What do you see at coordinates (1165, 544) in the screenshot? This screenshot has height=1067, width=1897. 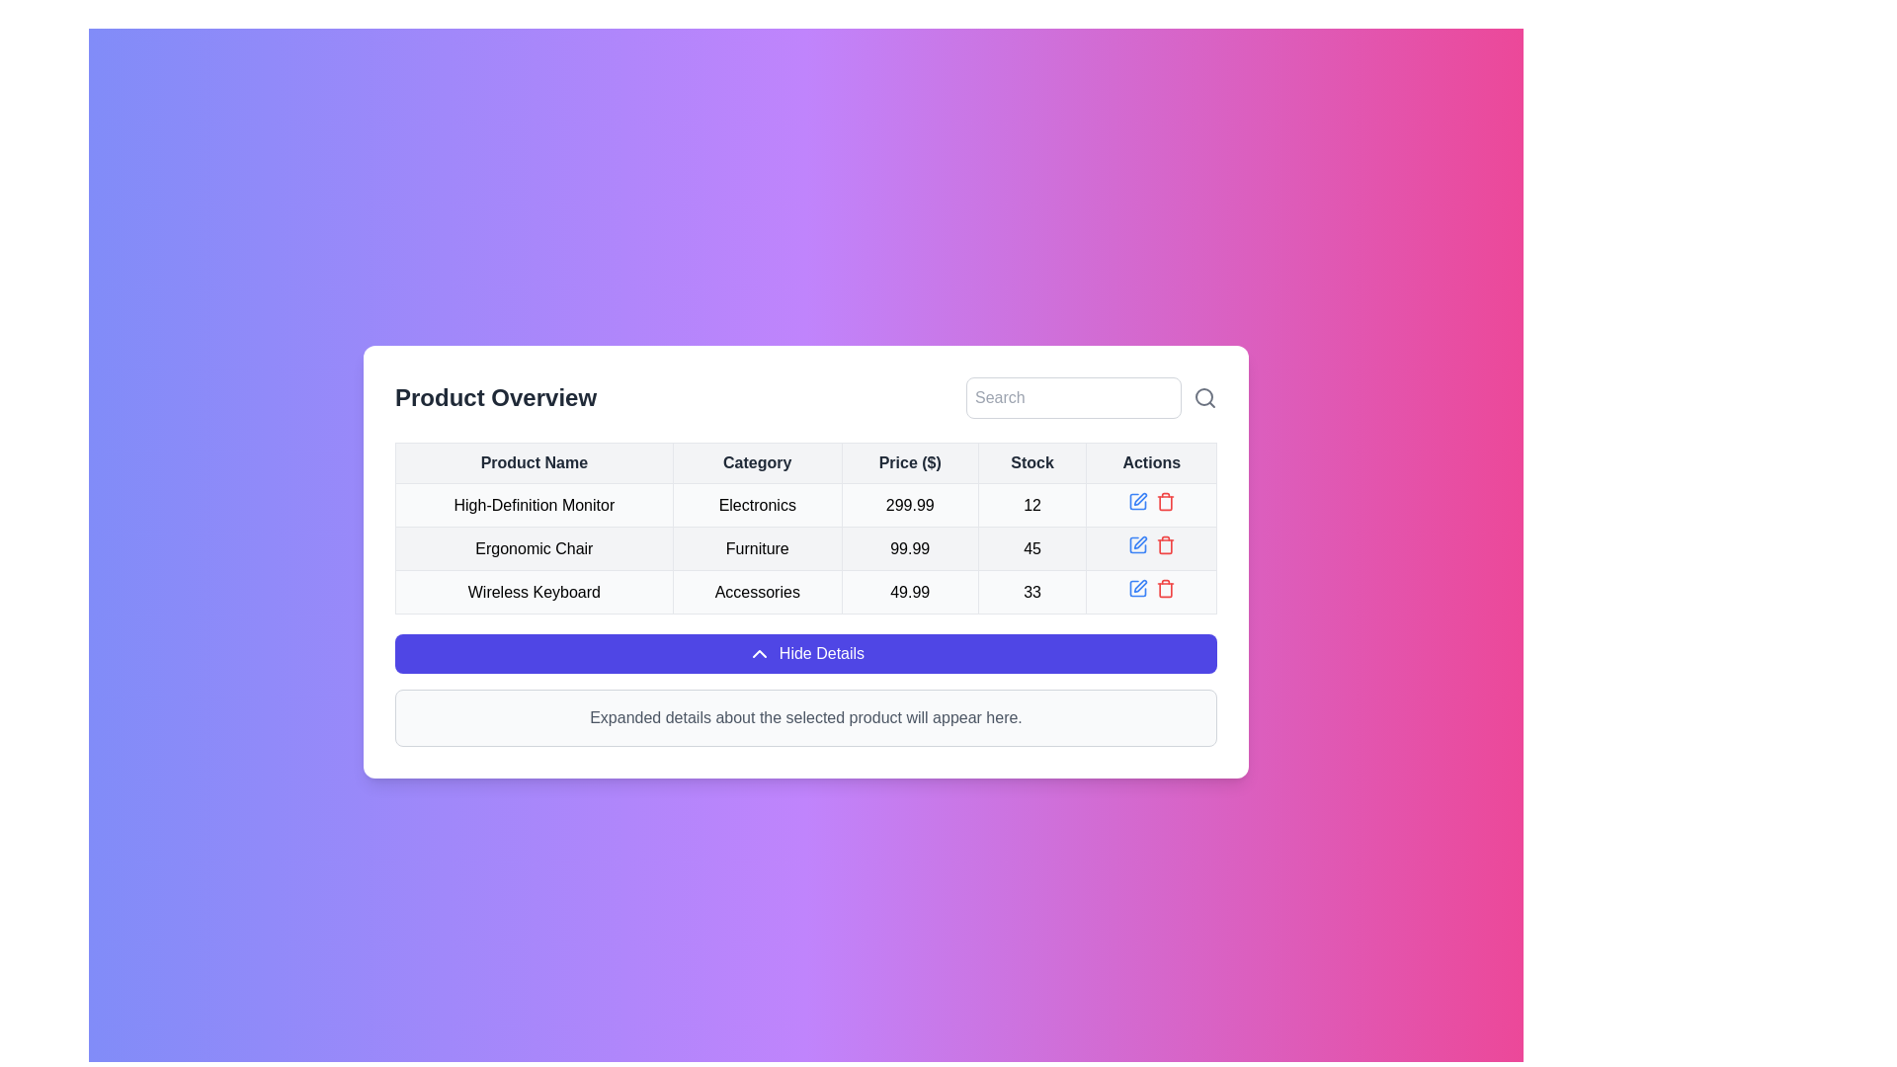 I see `the red-colored trash can icon button located in the bottom row of the 'Actions' column` at bounding box center [1165, 544].